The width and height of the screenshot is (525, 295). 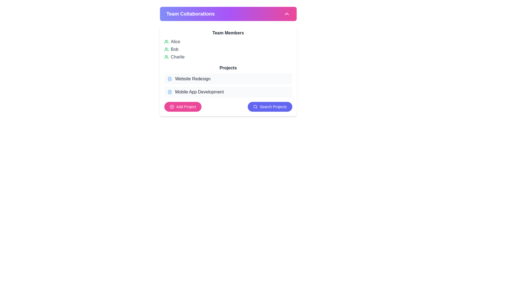 What do you see at coordinates (286, 13) in the screenshot?
I see `the upward-facing chevron arrow icon located in the top-right corner of the 'Team Collaborations' header` at bounding box center [286, 13].